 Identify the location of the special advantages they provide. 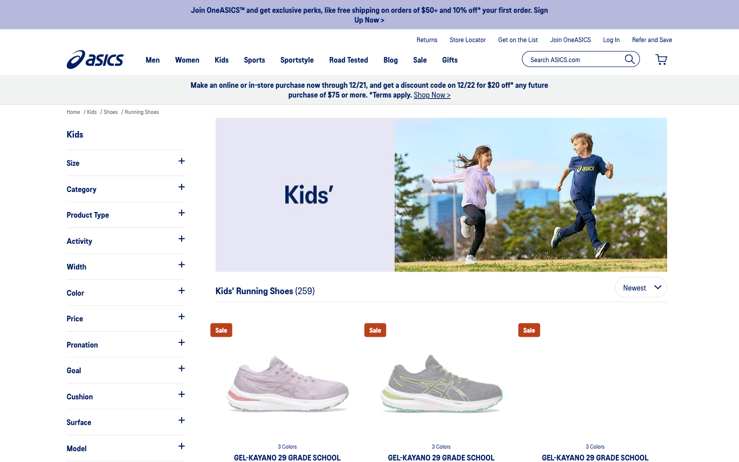
(369, 14).